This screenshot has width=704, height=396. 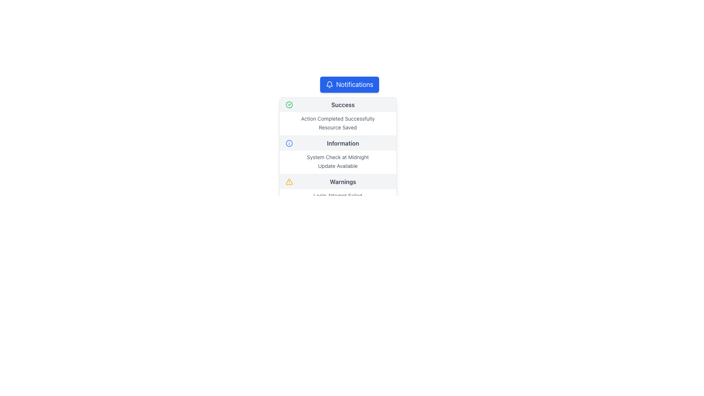 I want to click on the notification bell icon located at the top center of the notification section above the 'Notifications' text label, so click(x=329, y=83).